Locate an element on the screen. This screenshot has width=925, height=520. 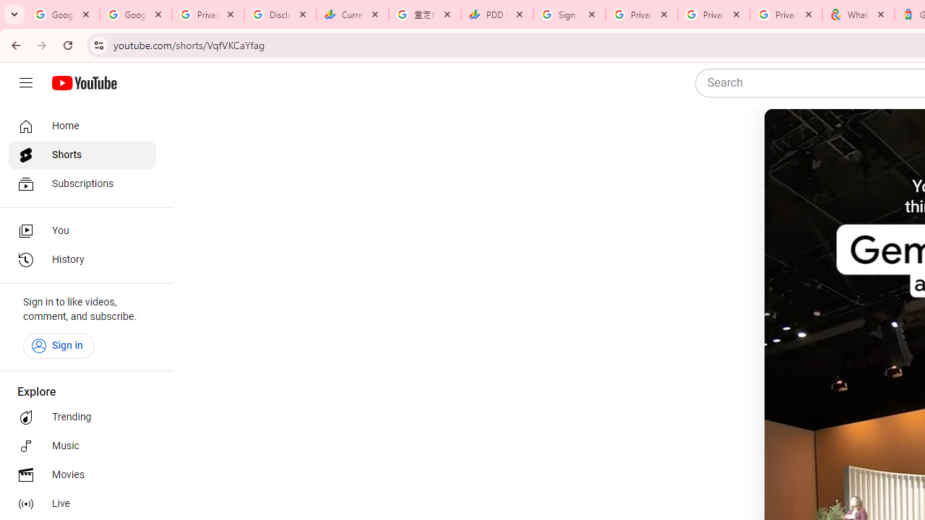
'History' is located at coordinates (81, 260).